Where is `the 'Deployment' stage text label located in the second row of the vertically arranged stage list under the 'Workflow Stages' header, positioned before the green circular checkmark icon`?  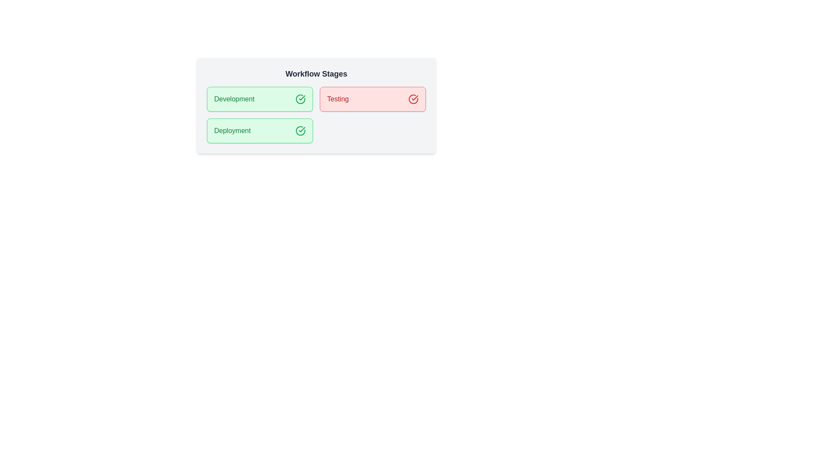 the 'Deployment' stage text label located in the second row of the vertically arranged stage list under the 'Workflow Stages' header, positioned before the green circular checkmark icon is located at coordinates (232, 130).